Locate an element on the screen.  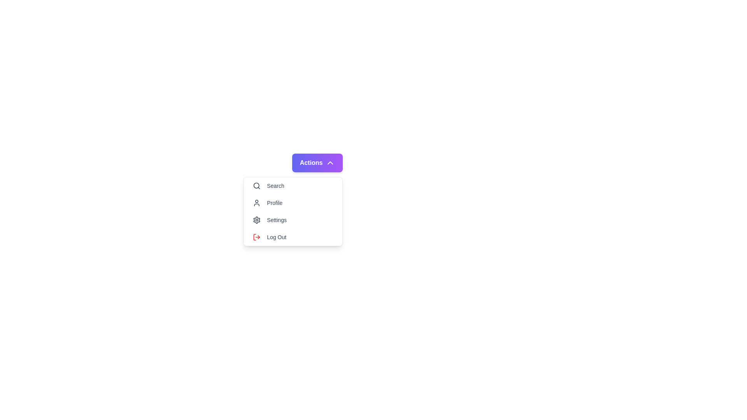
the settings Text label, which is the third item in the vertical menu list aligned with a gear icon is located at coordinates (277, 220).